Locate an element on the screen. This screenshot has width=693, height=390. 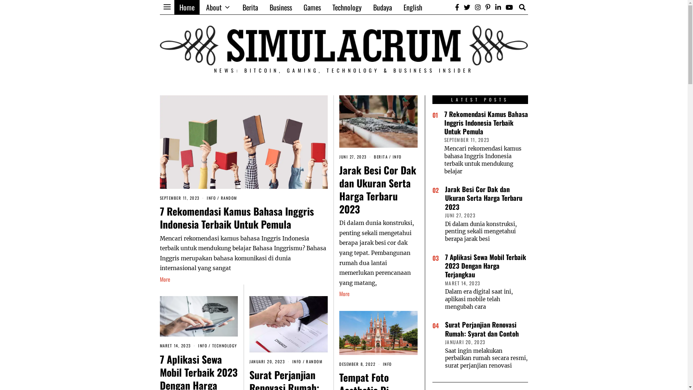
'Pinterest' is located at coordinates (488, 7).